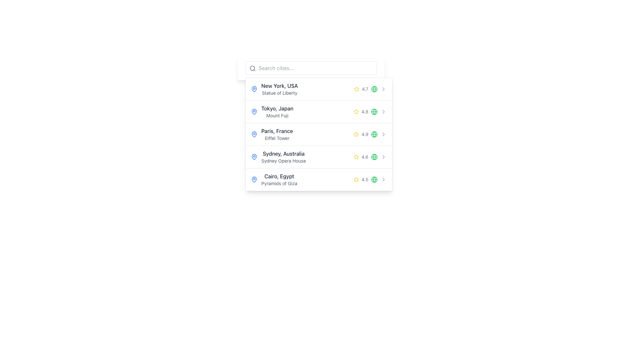  Describe the element at coordinates (374, 134) in the screenshot. I see `the globe icon located to the far right of the row representing 'Paris, France'` at that location.